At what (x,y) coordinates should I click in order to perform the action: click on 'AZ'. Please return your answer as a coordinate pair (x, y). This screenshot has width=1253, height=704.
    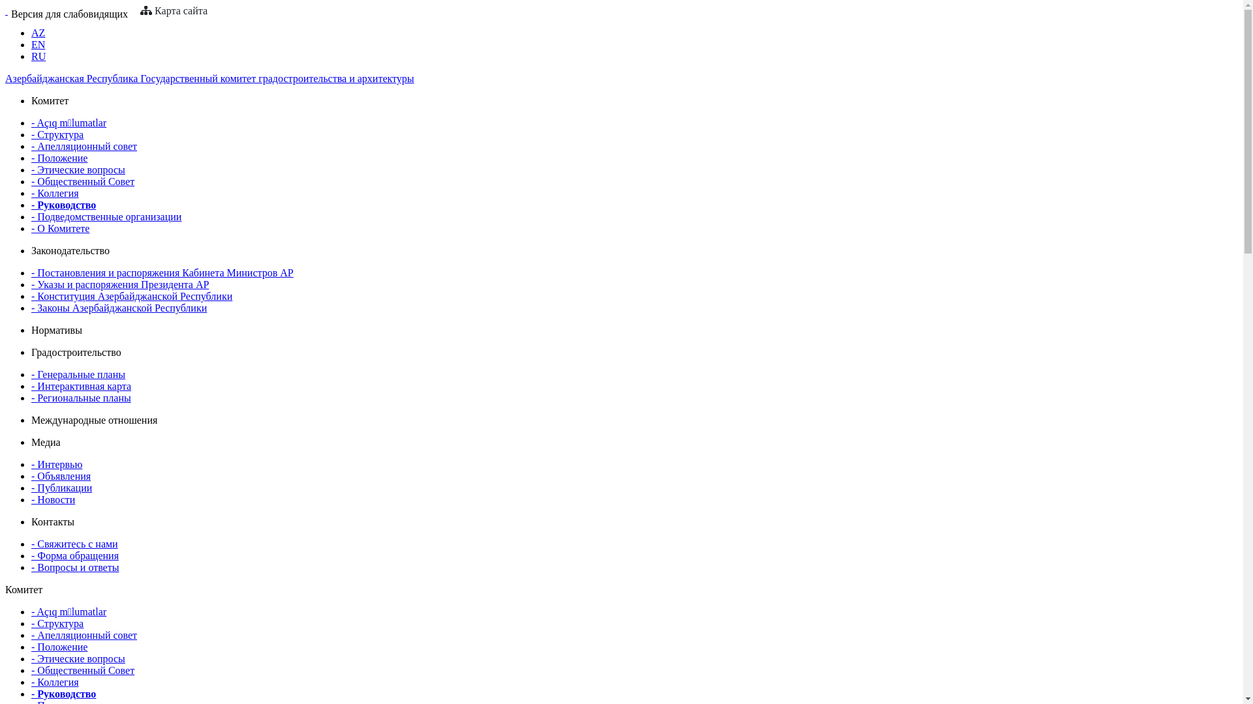
    Looking at the image, I should click on (38, 32).